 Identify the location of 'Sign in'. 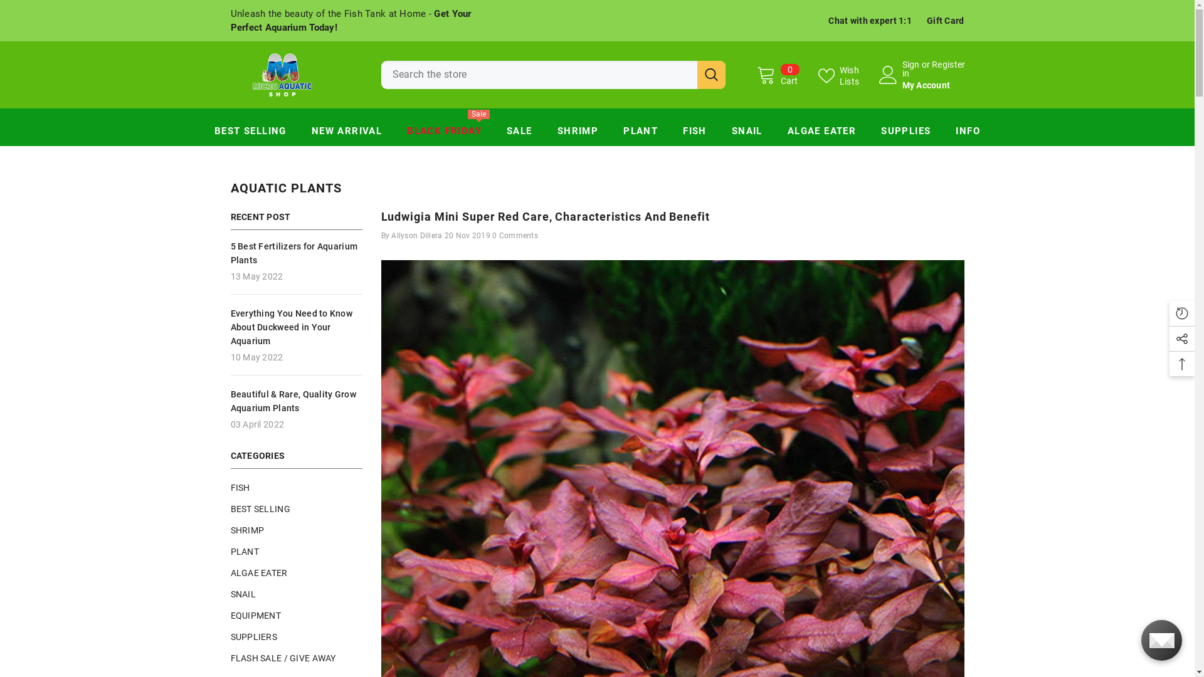
(910, 69).